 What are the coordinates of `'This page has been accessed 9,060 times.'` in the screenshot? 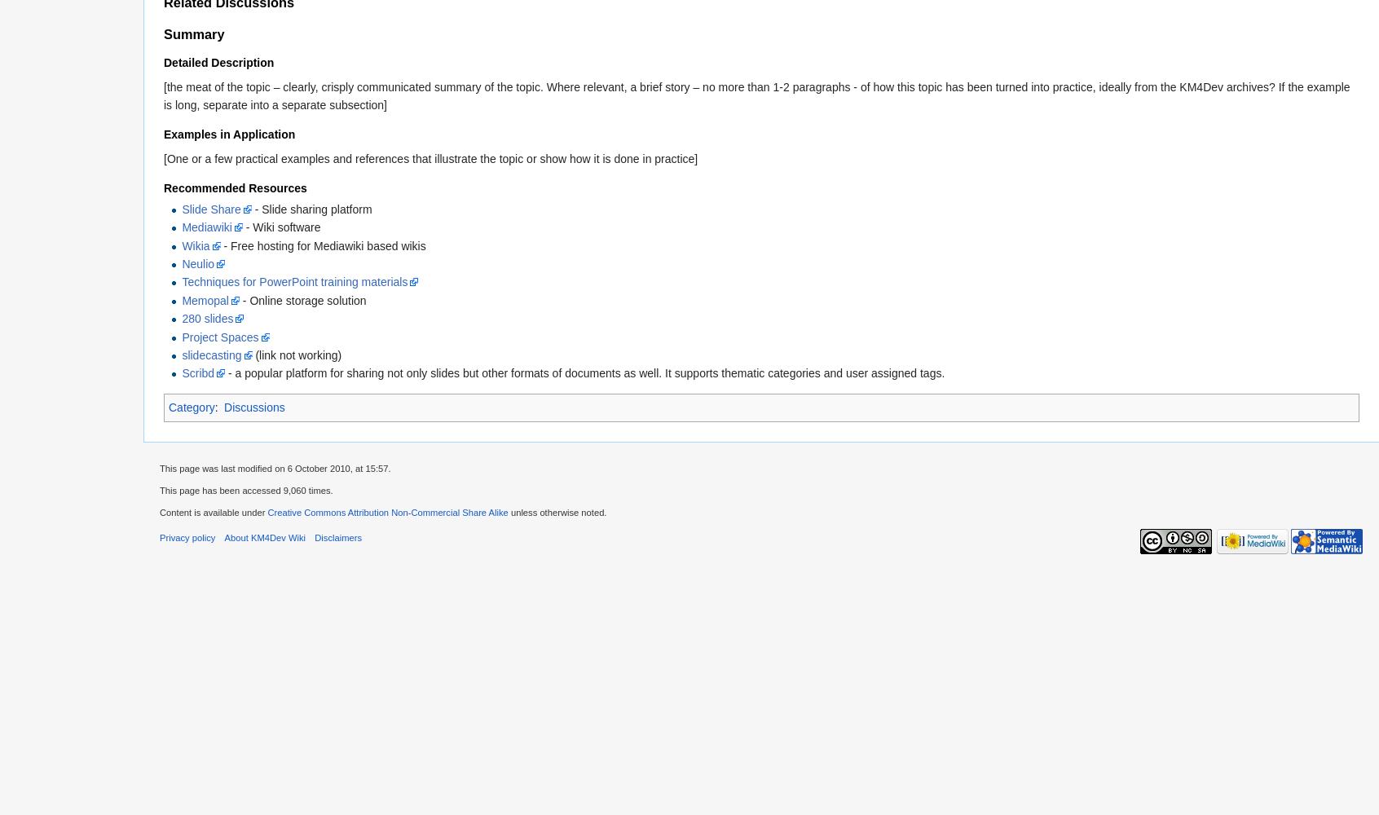 It's located at (245, 490).